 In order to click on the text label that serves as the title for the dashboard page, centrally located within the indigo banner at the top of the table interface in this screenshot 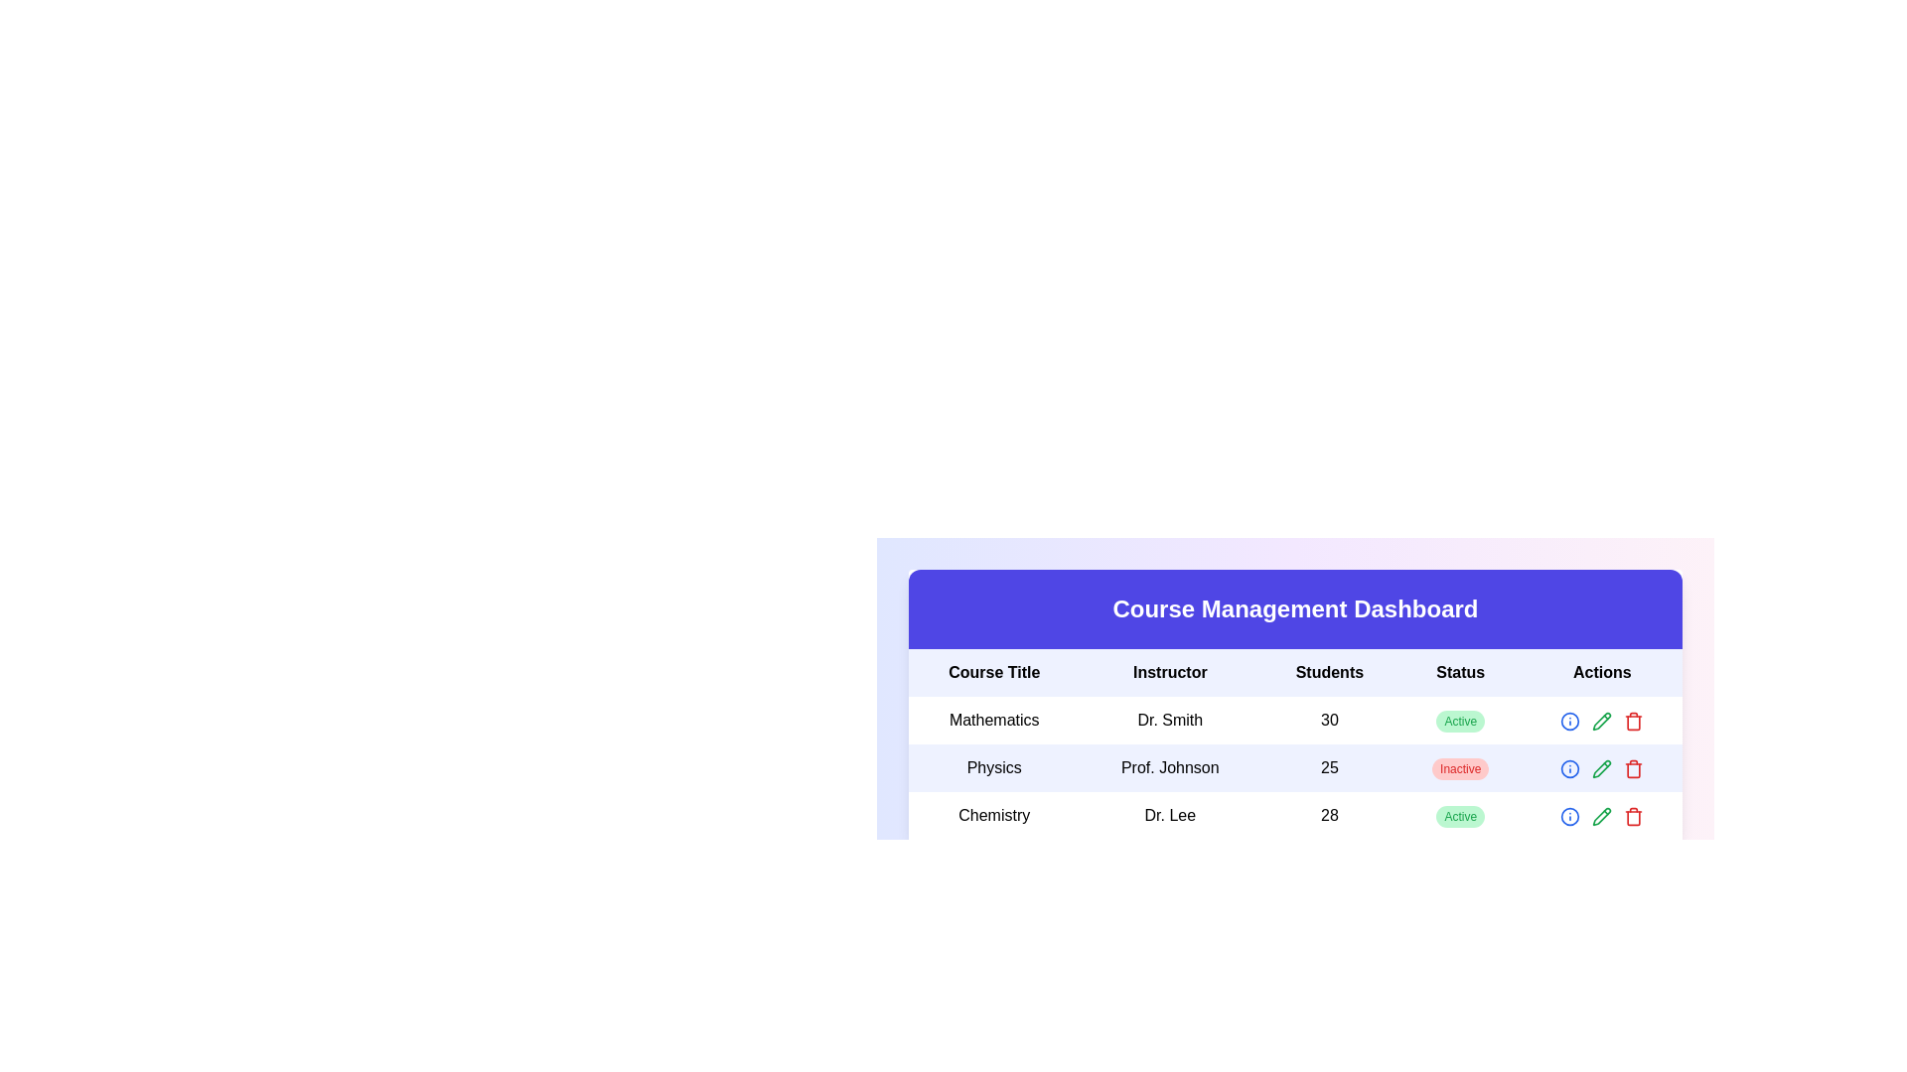, I will do `click(1295, 607)`.